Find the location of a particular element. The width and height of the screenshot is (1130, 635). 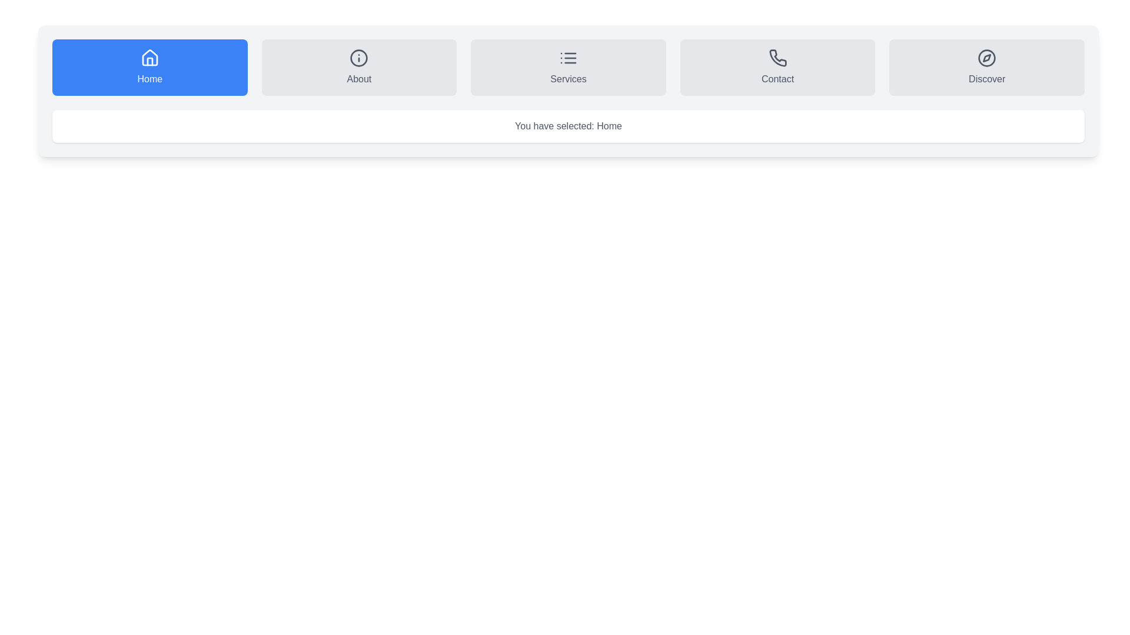

the 'Home' button, which is a blue rectangular button with rounded corners, featuring a house icon and the text 'Home' below it is located at coordinates (149, 68).